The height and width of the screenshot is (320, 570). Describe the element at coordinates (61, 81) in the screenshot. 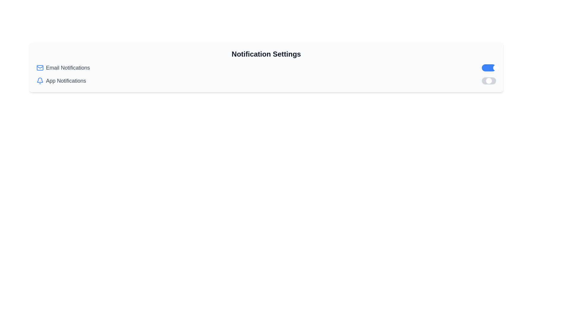

I see `the 'App Notifications' label with a bell icon` at that location.